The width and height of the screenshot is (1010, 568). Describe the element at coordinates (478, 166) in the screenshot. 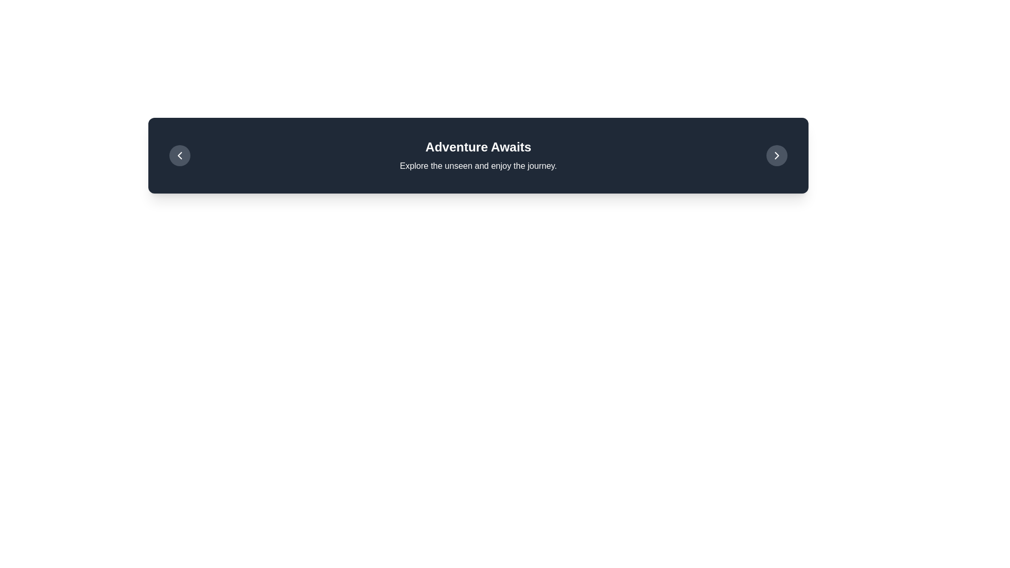

I see `the Text Display element located below the 'Adventure Awaits' heading, which presents descriptive text in a dark blue bar` at that location.